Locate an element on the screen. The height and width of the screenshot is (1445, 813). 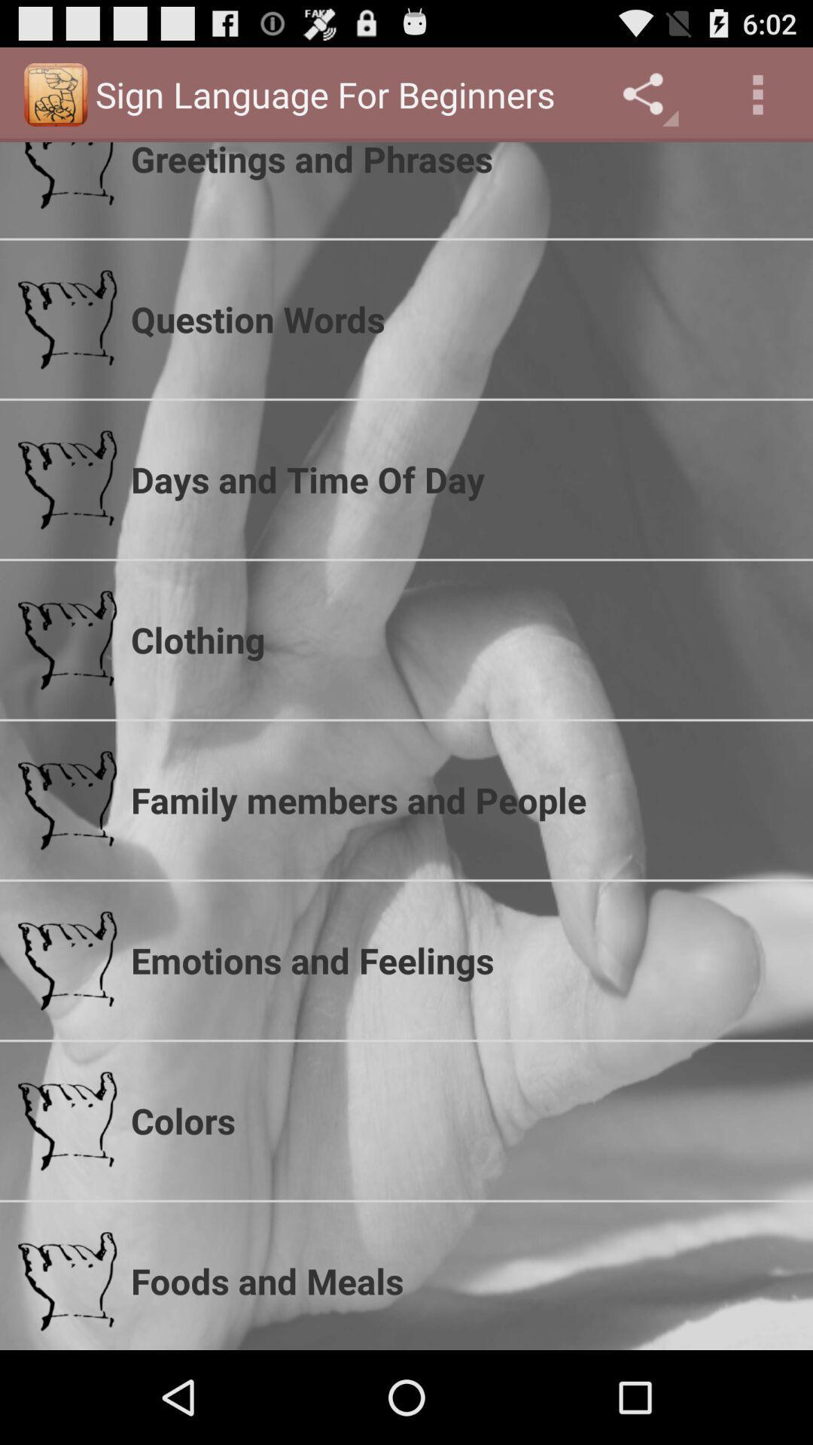
the days and time app is located at coordinates (461, 479).